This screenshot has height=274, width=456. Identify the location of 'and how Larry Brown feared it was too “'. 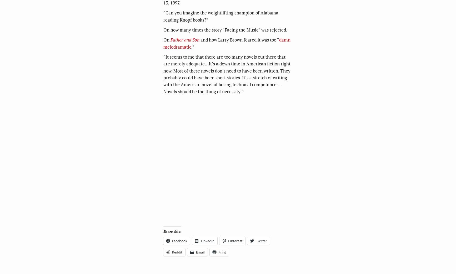
(239, 39).